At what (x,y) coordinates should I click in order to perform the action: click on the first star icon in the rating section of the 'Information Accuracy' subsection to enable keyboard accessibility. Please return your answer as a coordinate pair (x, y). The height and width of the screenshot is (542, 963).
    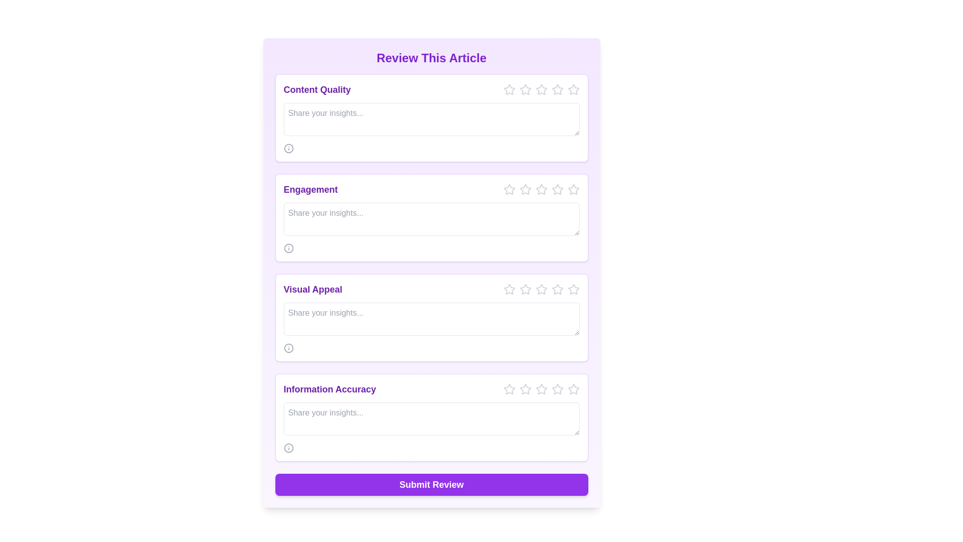
    Looking at the image, I should click on (525, 388).